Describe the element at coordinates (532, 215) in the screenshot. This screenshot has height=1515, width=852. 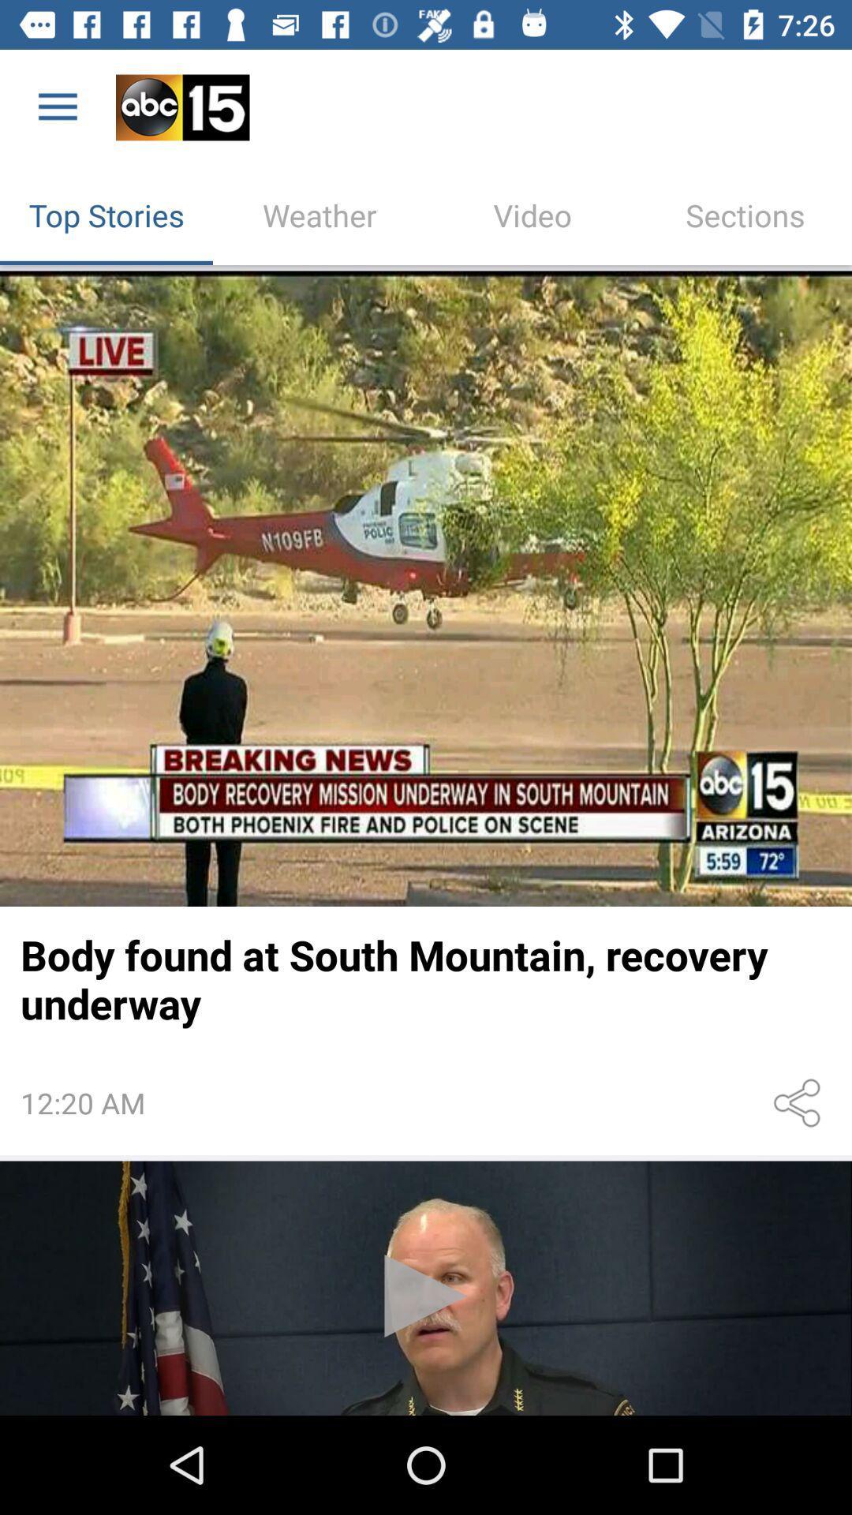
I see `video tab` at that location.